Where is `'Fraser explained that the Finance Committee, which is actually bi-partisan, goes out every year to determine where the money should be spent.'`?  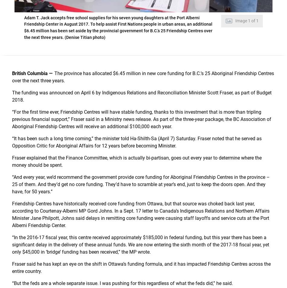 'Fraser explained that the Finance Committee, which is actually bi-partisan, goes out every year to determine where the money should be spent.' is located at coordinates (136, 161).